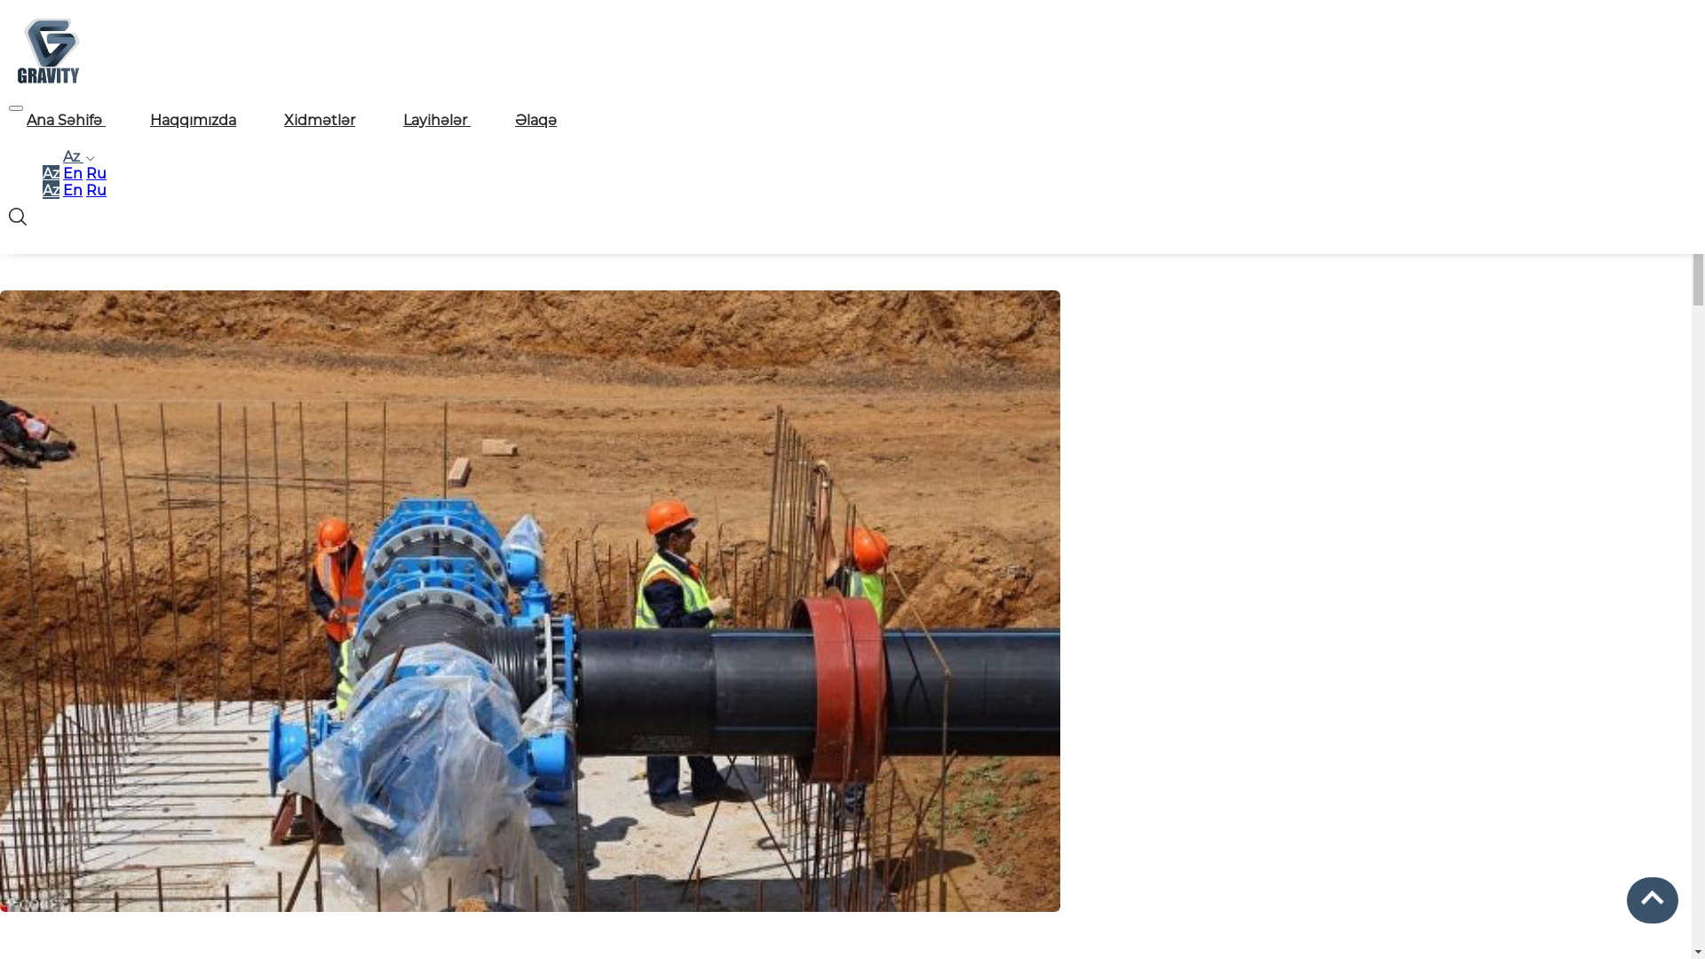 Image resolution: width=1705 pixels, height=959 pixels. What do you see at coordinates (51, 190) in the screenshot?
I see `'Az'` at bounding box center [51, 190].